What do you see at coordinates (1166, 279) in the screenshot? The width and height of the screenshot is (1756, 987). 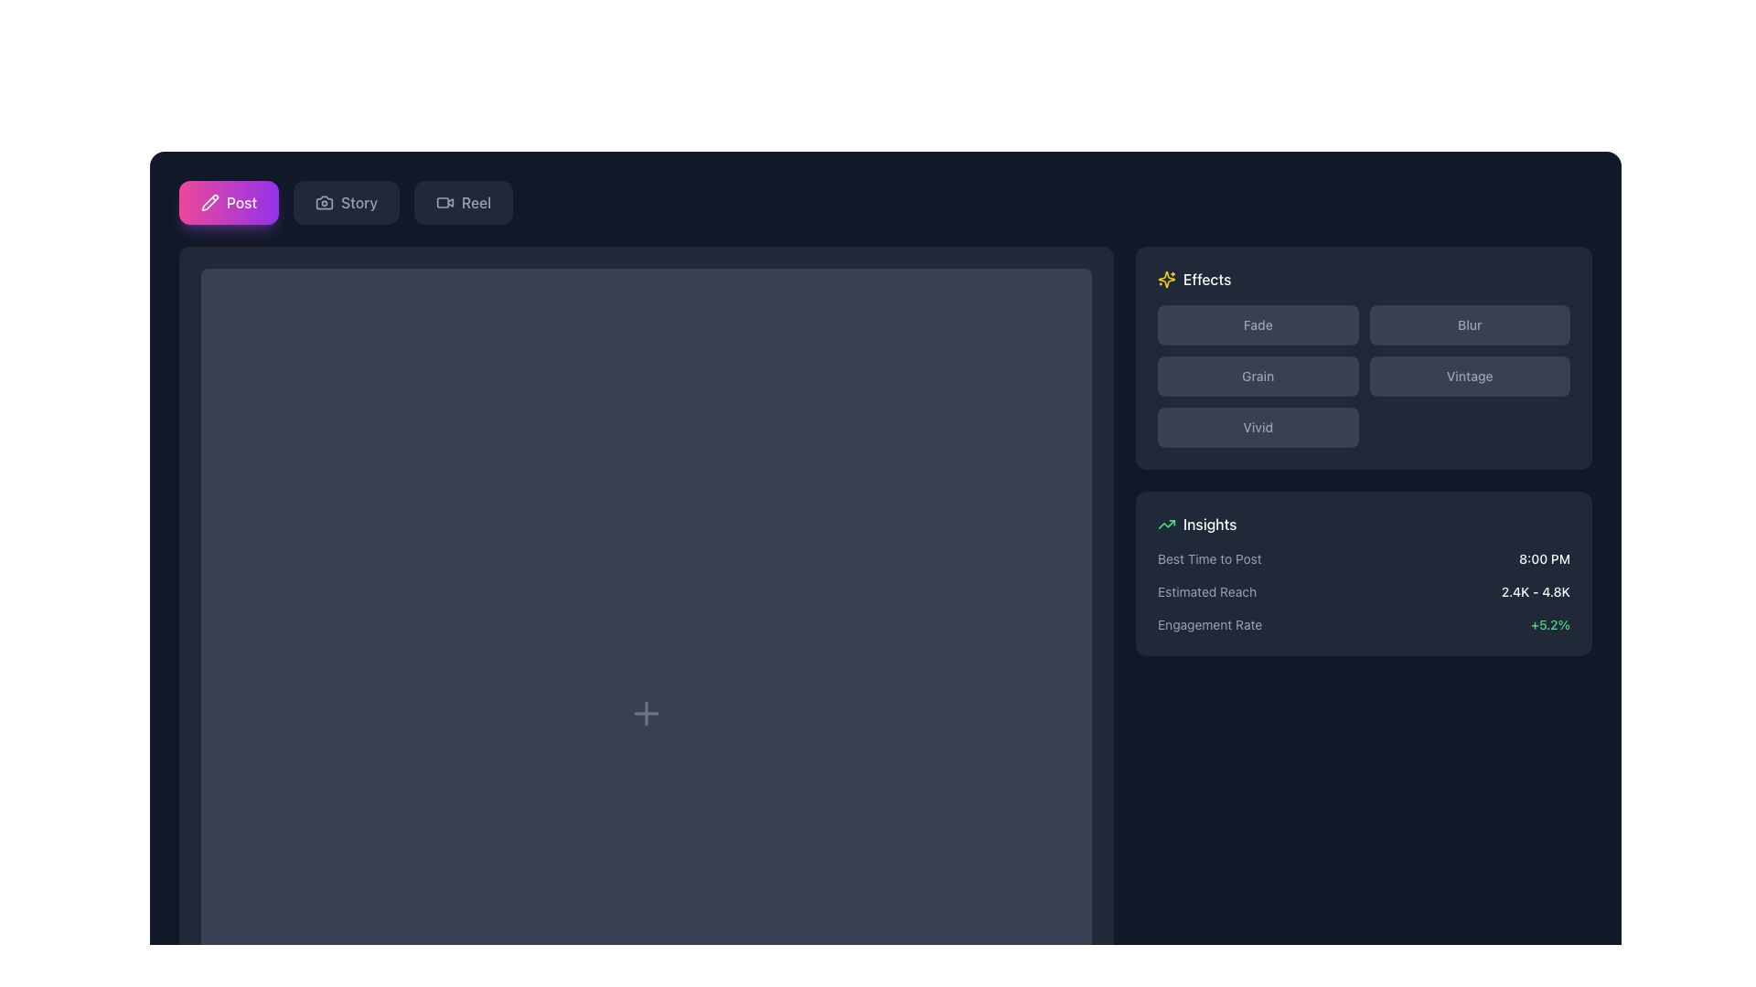 I see `the yellow outlined sparkles icon located to the left of the 'Effects' label in the header of the 'Effects' section` at bounding box center [1166, 279].